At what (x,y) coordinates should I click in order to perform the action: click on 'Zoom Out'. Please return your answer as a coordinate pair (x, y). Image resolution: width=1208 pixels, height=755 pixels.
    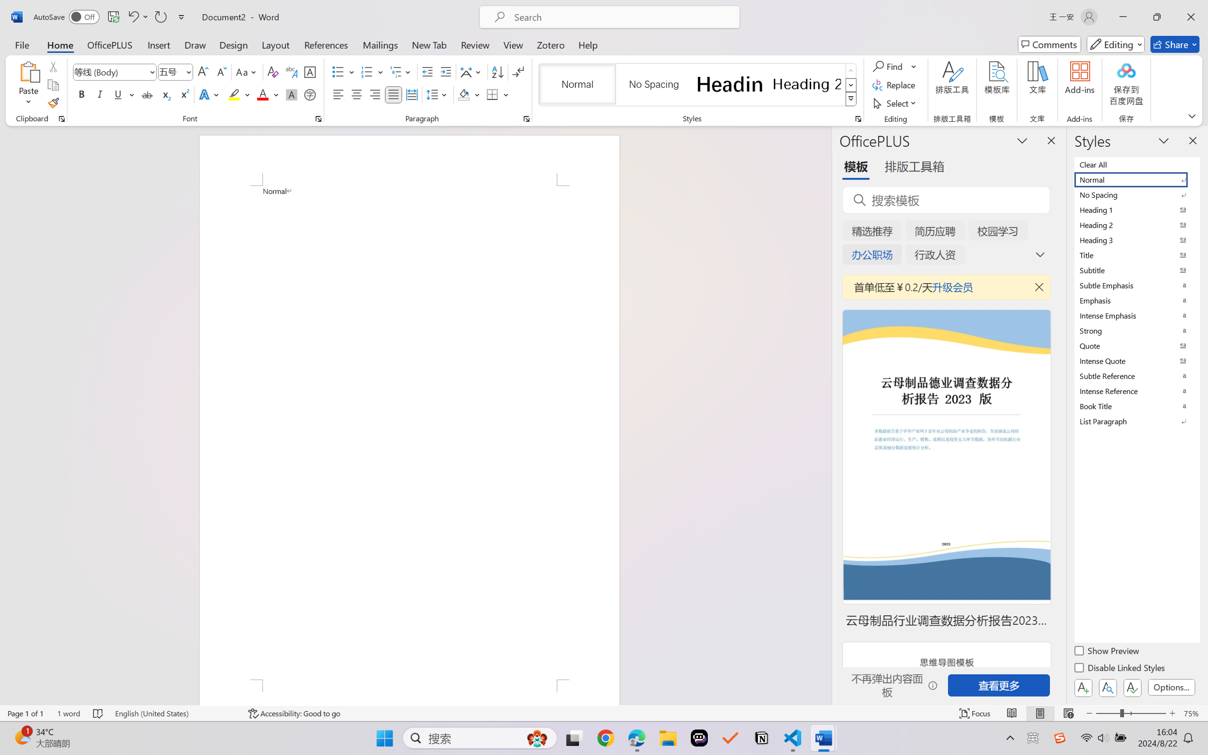
    Looking at the image, I should click on (1107, 713).